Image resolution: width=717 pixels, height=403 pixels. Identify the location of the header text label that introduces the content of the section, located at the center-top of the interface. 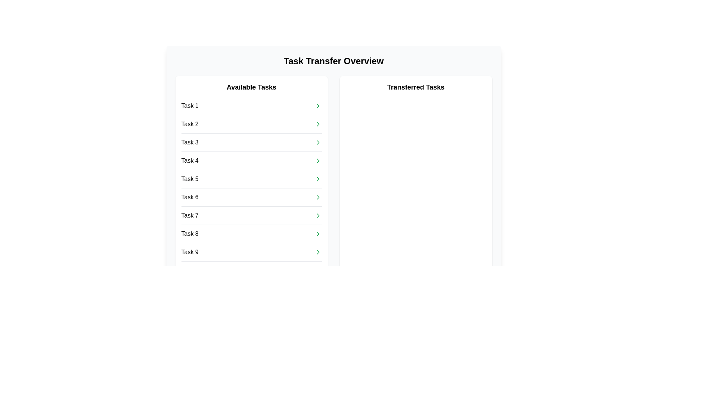
(333, 61).